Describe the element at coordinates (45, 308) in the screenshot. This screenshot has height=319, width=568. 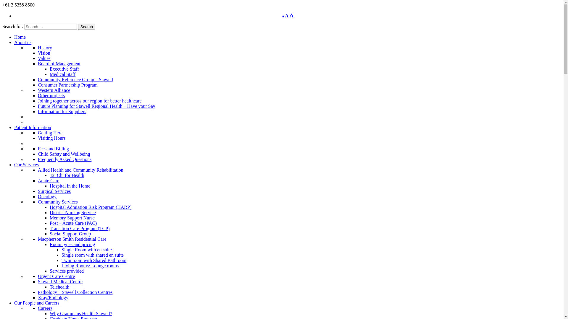
I see `'Careers'` at that location.